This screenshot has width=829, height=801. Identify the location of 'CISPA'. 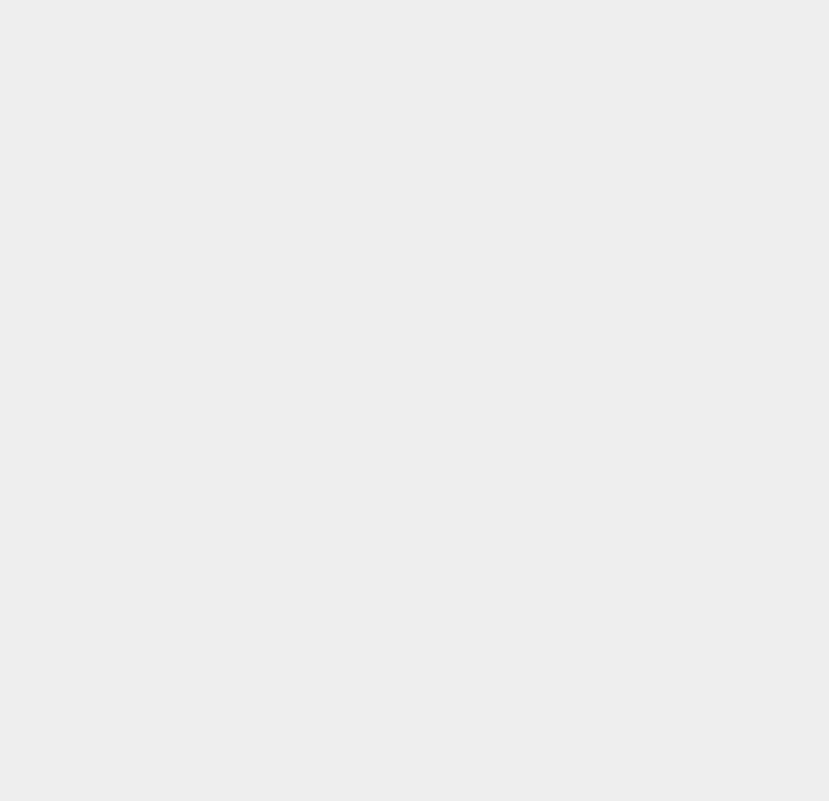
(600, 431).